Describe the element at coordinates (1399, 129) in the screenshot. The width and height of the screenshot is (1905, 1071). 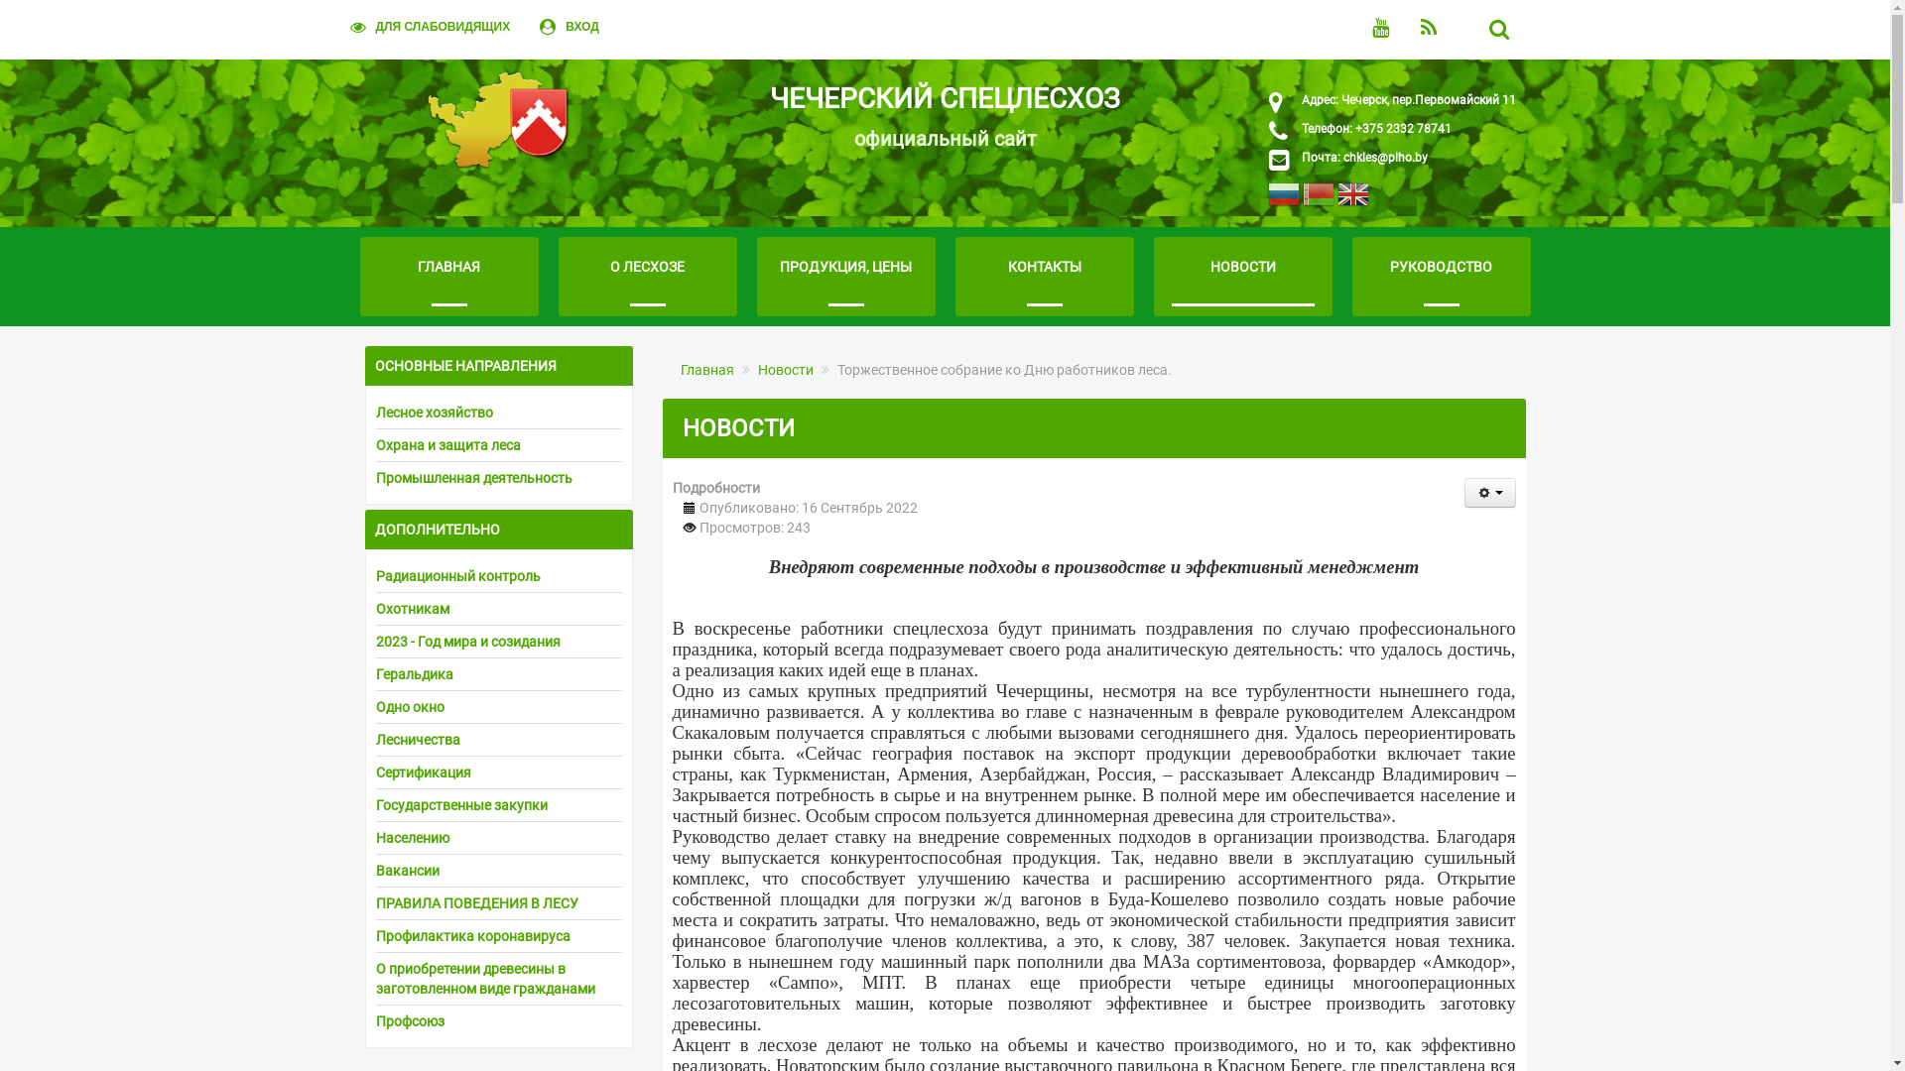
I see `'+375 2332 78741'` at that location.